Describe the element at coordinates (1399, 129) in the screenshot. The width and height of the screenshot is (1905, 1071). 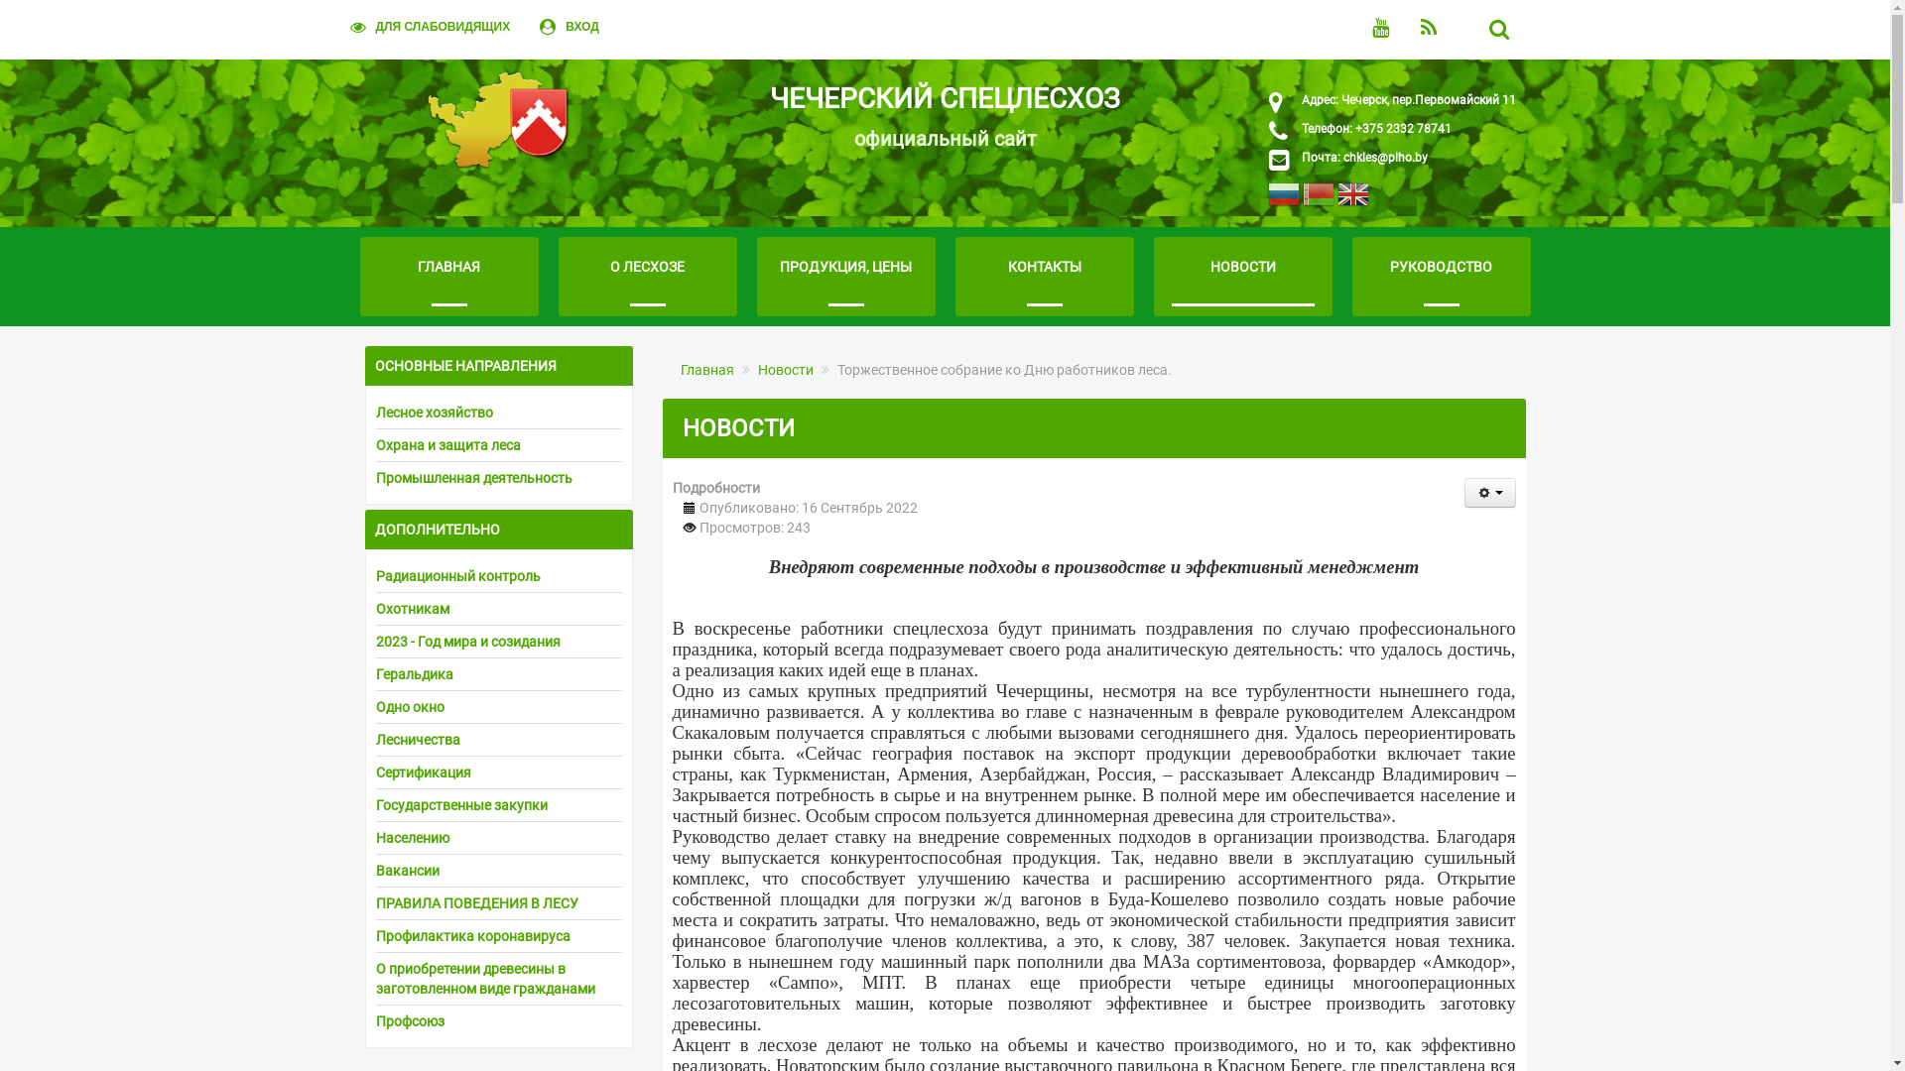
I see `'+375 2332 78741'` at that location.